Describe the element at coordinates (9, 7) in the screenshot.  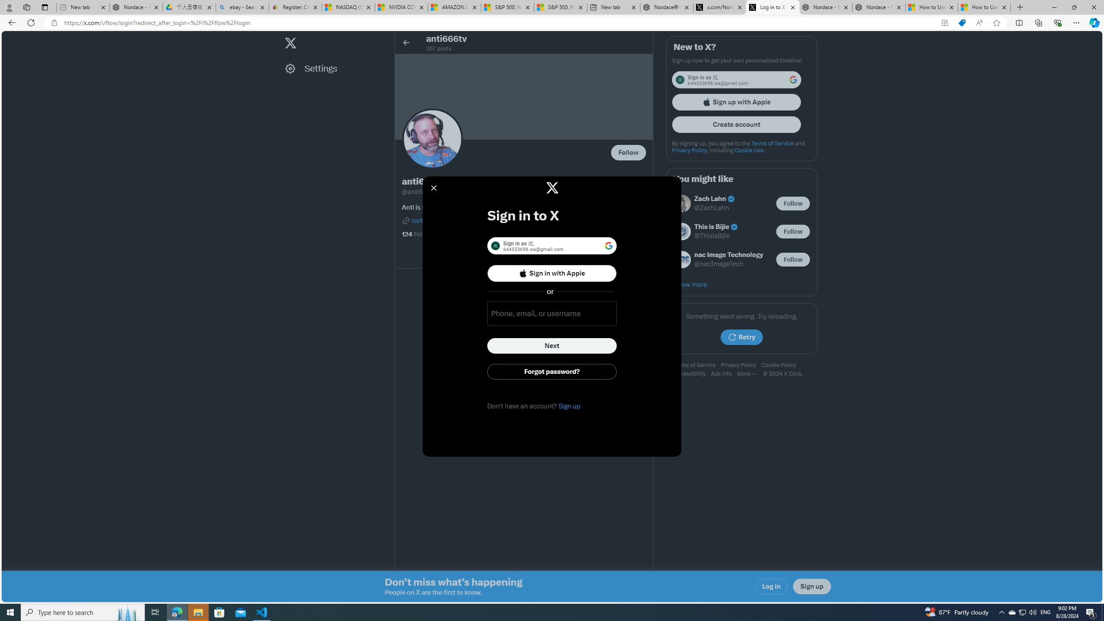
I see `'Personal Profile'` at that location.